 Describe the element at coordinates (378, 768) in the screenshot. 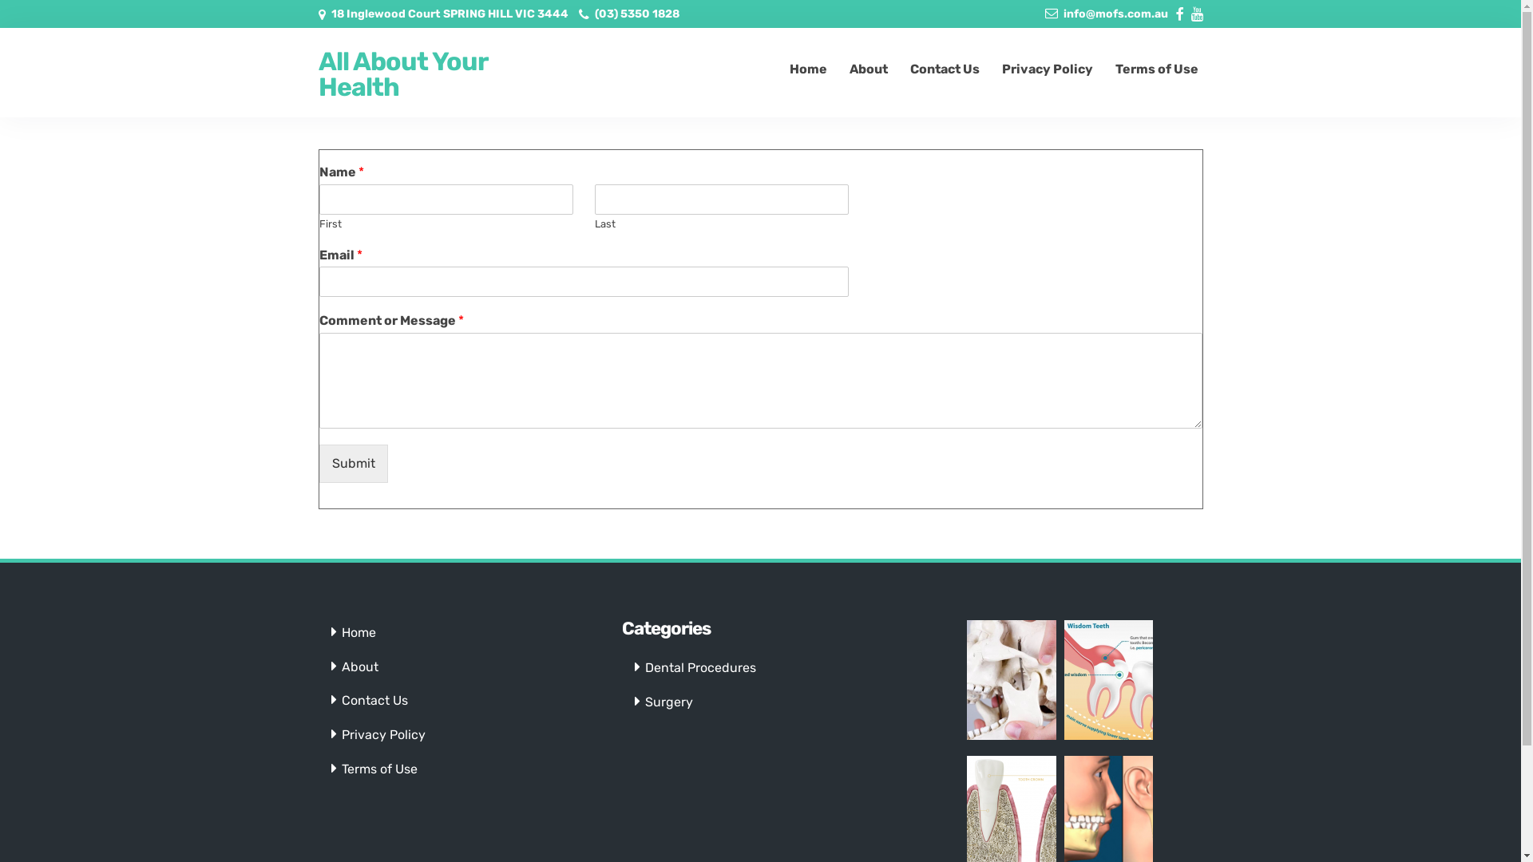

I see `'Terms of Use'` at that location.